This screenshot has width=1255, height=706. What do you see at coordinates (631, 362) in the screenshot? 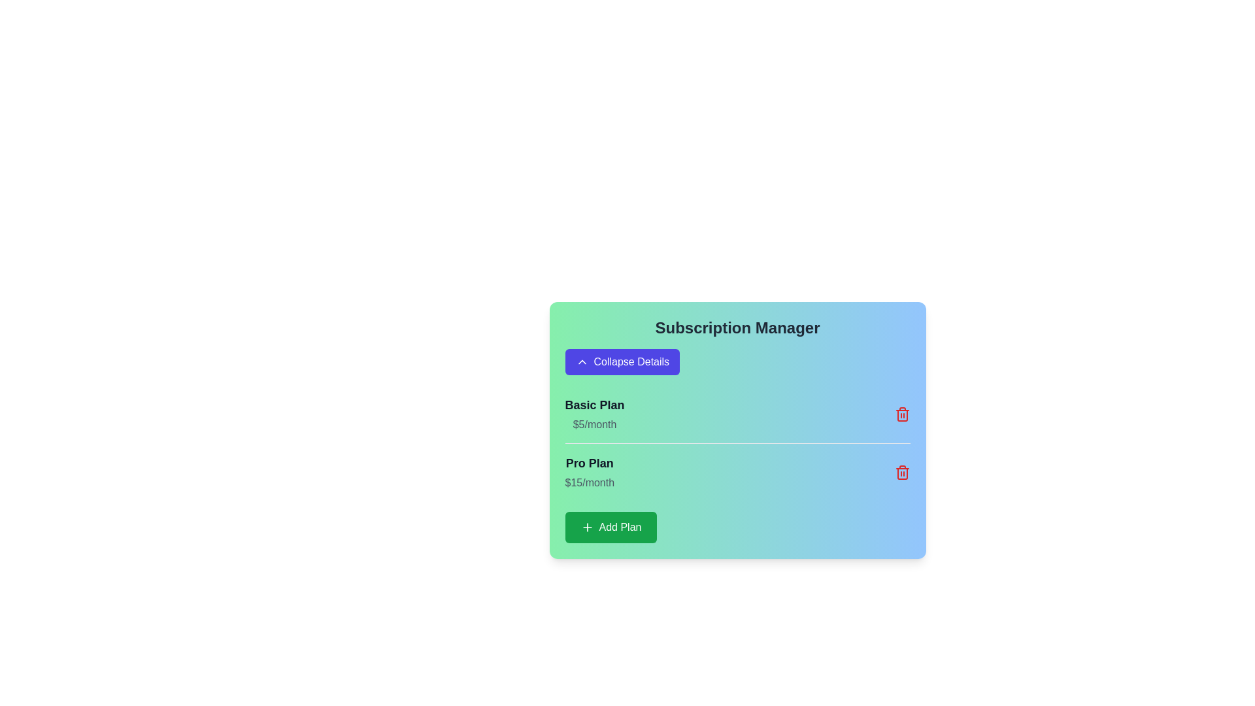
I see `text from the label within the button that collapses or hides additional details in the 'Subscription Manager' card, located at the top section header` at bounding box center [631, 362].